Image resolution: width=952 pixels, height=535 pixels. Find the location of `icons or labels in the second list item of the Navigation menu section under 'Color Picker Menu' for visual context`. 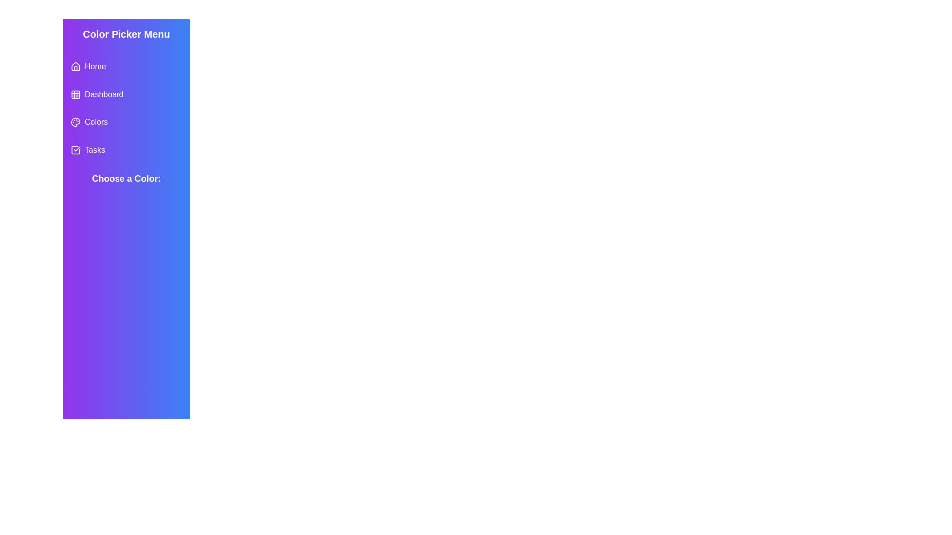

icons or labels in the second list item of the Navigation menu section under 'Color Picker Menu' for visual context is located at coordinates (125, 108).